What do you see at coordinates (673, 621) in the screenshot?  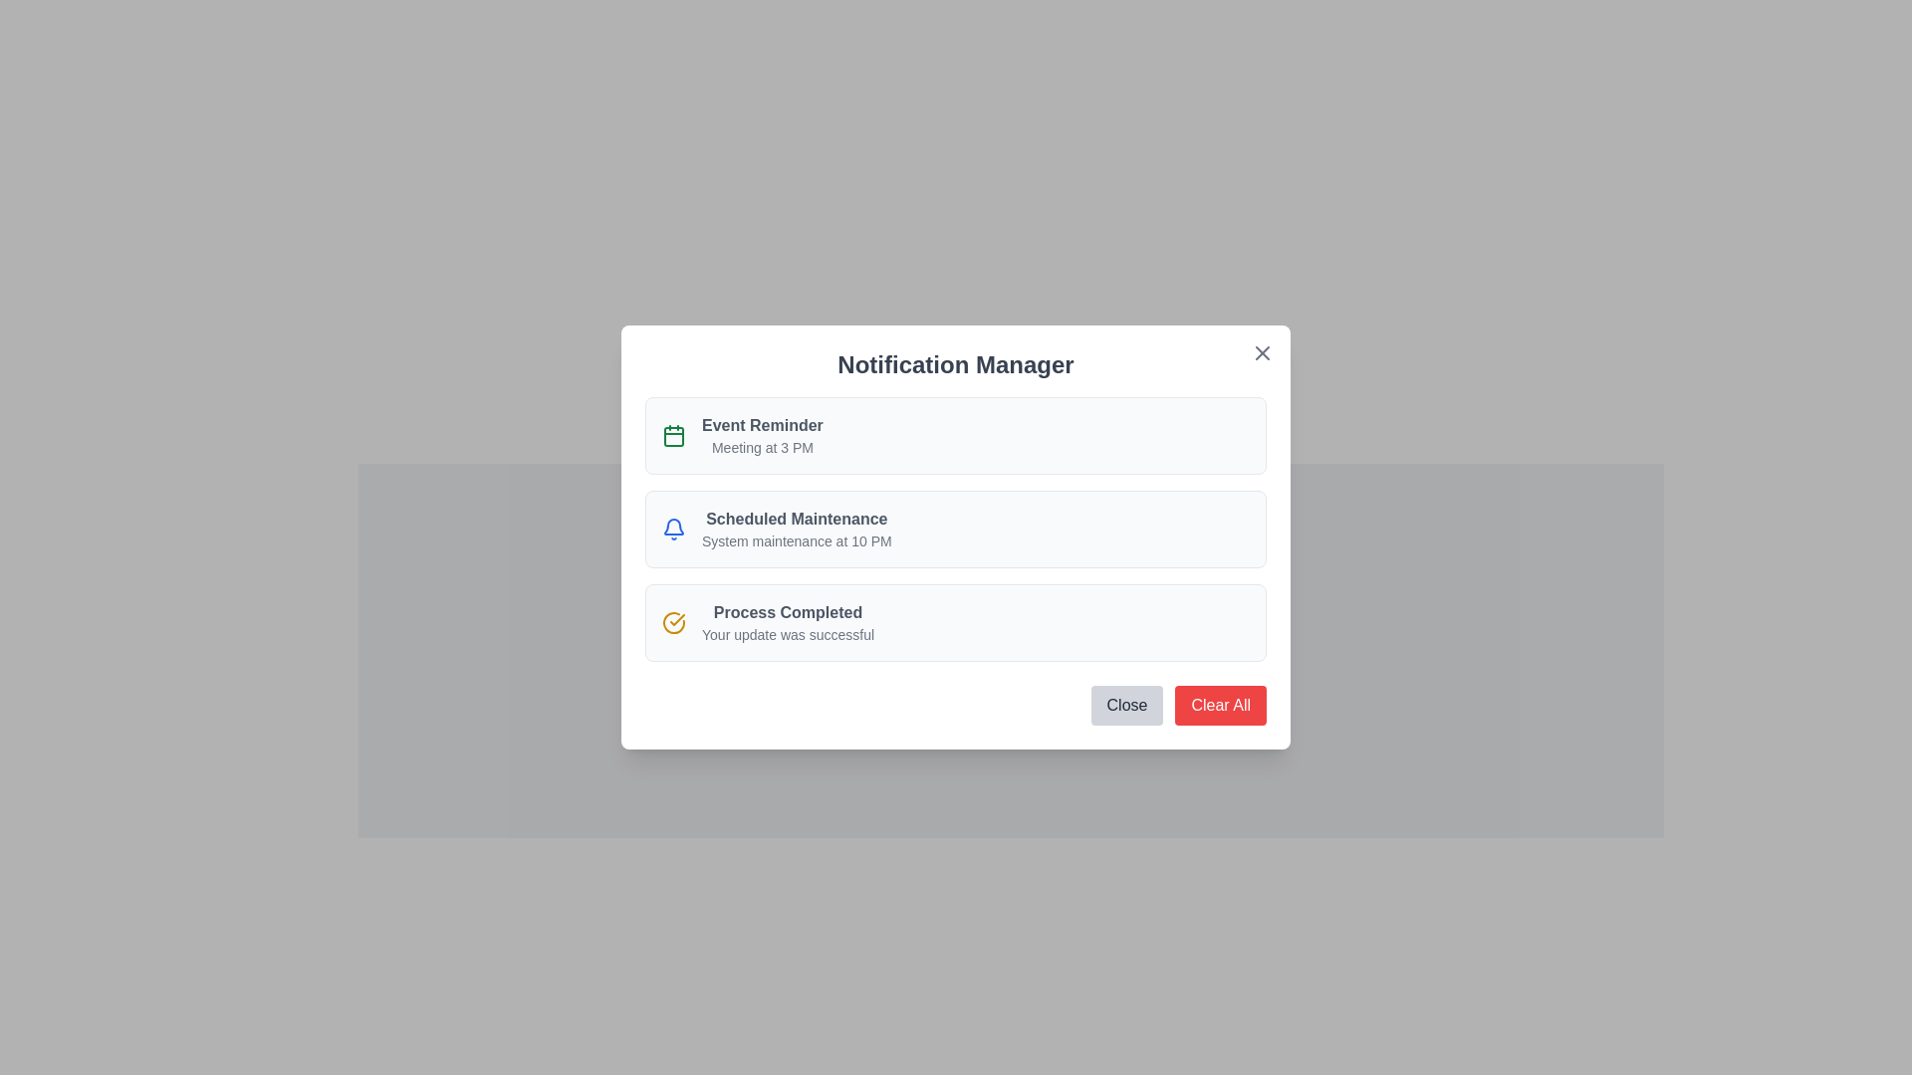 I see `the circular yellow checkmark icon located to the left of the text 'Process Completed' in the bottom-most notification card of the 'Notification Manager' modal interface` at bounding box center [673, 621].